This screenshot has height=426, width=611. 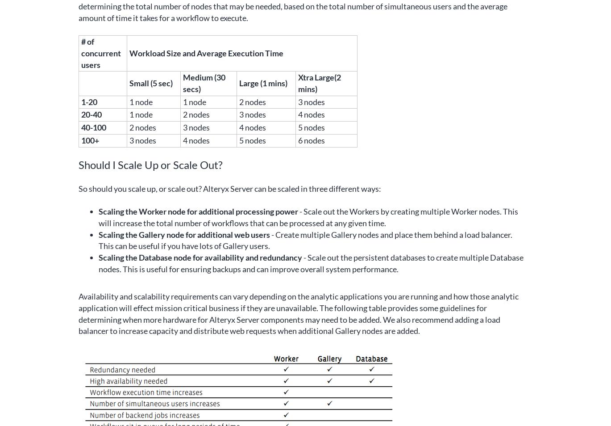 I want to click on 'Medium (30 secs)', so click(x=182, y=83).